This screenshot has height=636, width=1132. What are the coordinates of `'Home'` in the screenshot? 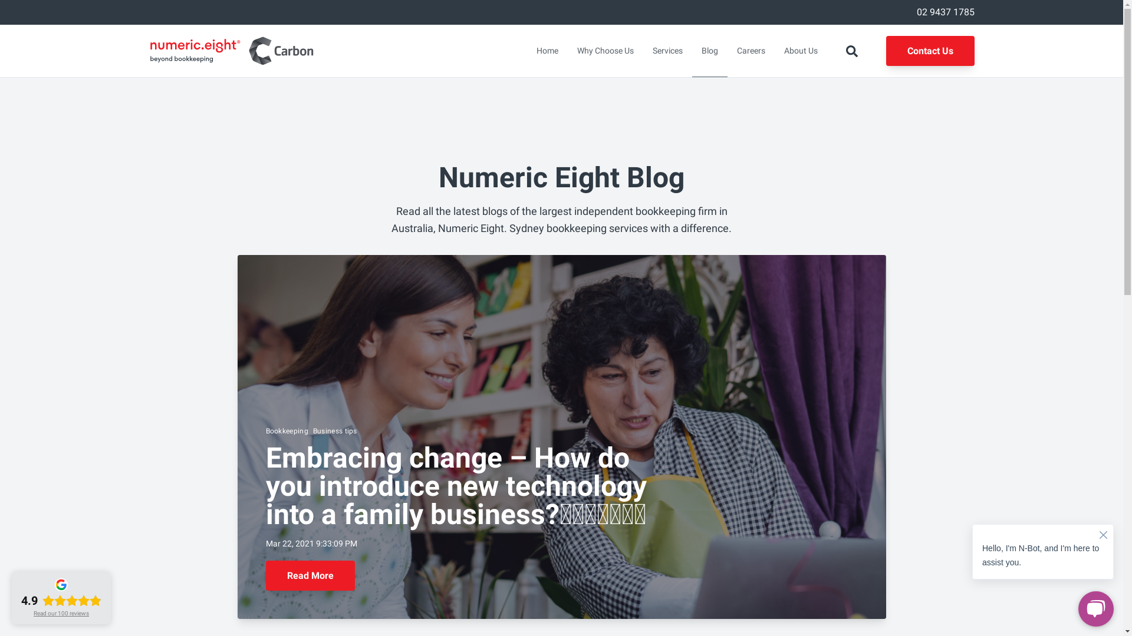 It's located at (547, 50).